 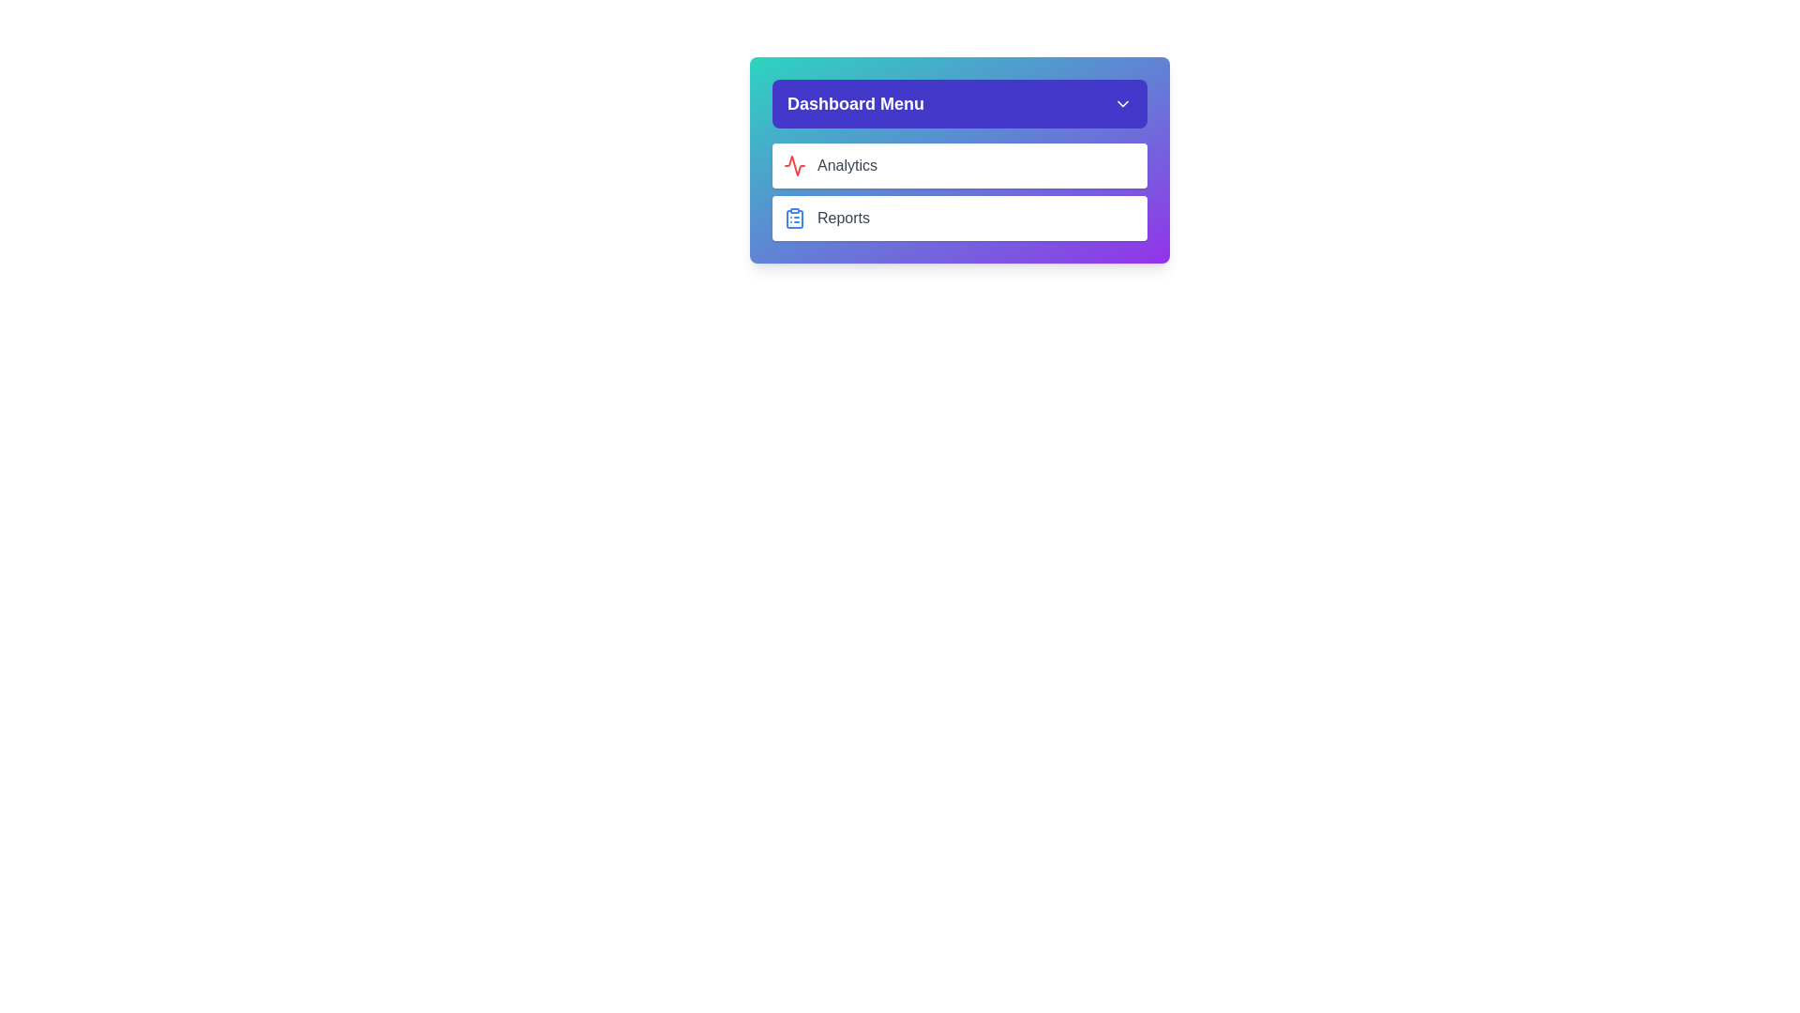 What do you see at coordinates (795, 165) in the screenshot?
I see `the red jagged line icon next to the 'Analytics' text label in the dropdown menu under the 'Dashboard Menu' header` at bounding box center [795, 165].